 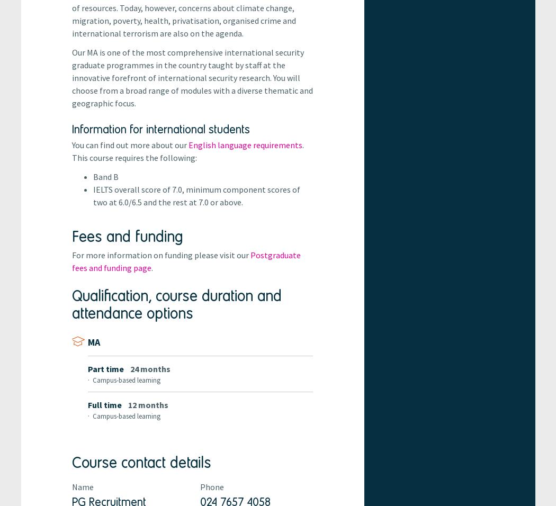 What do you see at coordinates (160, 128) in the screenshot?
I see `'Information for international students'` at bounding box center [160, 128].